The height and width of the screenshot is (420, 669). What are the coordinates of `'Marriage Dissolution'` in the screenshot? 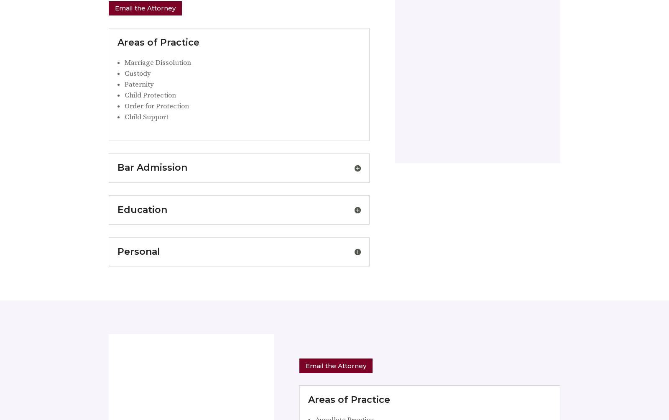 It's located at (158, 61).